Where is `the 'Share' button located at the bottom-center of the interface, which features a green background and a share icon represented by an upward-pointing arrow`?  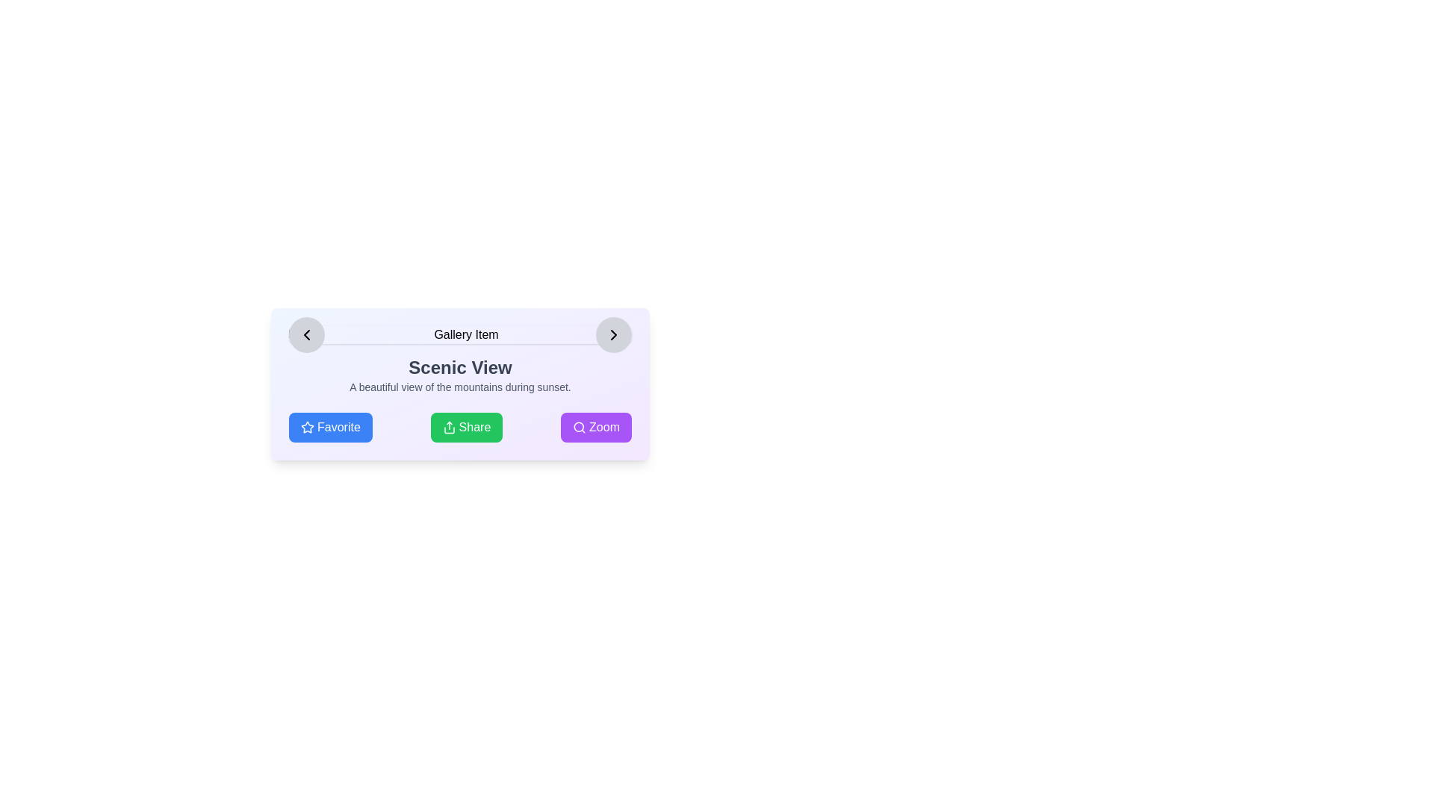 the 'Share' button located at the bottom-center of the interface, which features a green background and a share icon represented by an upward-pointing arrow is located at coordinates (448, 428).